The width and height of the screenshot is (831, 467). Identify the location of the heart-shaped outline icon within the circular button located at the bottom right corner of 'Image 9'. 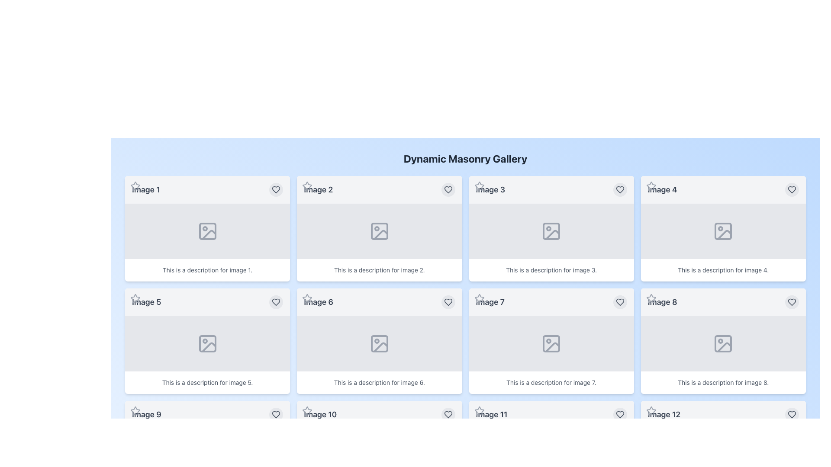
(276, 414).